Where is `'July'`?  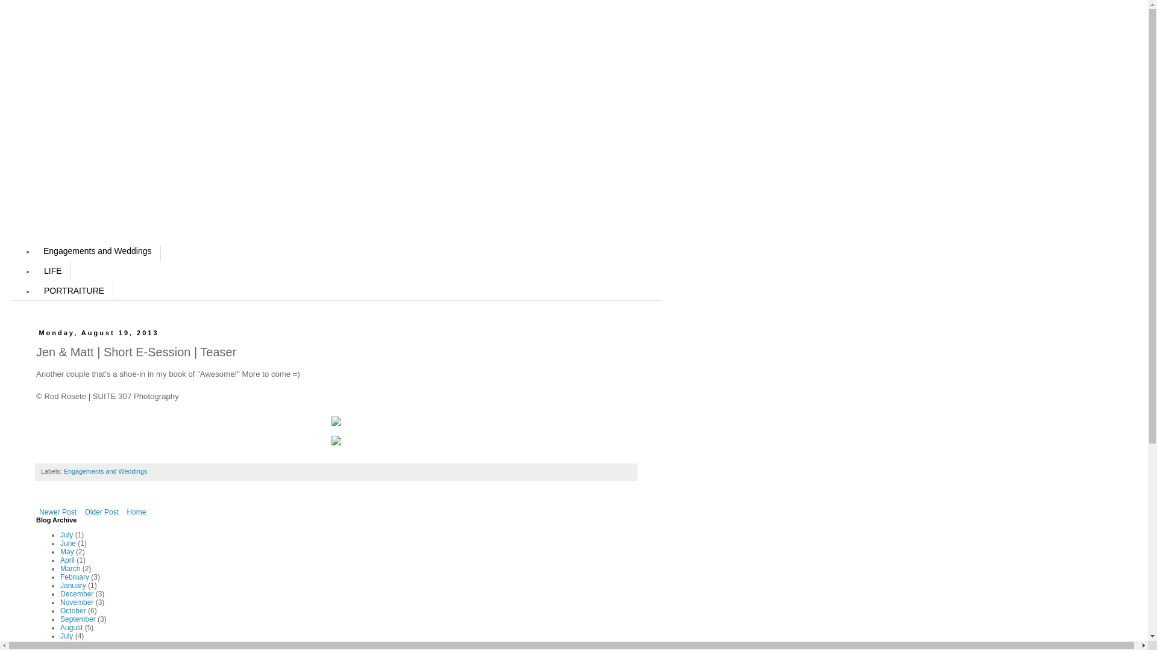 'July' is located at coordinates (60, 534).